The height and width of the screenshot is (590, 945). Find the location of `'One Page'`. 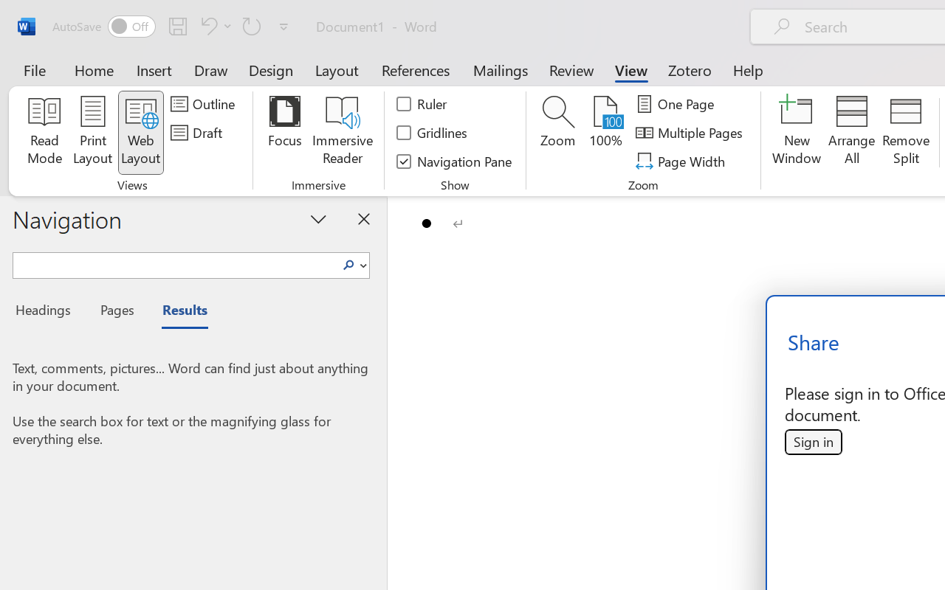

'One Page' is located at coordinates (676, 104).